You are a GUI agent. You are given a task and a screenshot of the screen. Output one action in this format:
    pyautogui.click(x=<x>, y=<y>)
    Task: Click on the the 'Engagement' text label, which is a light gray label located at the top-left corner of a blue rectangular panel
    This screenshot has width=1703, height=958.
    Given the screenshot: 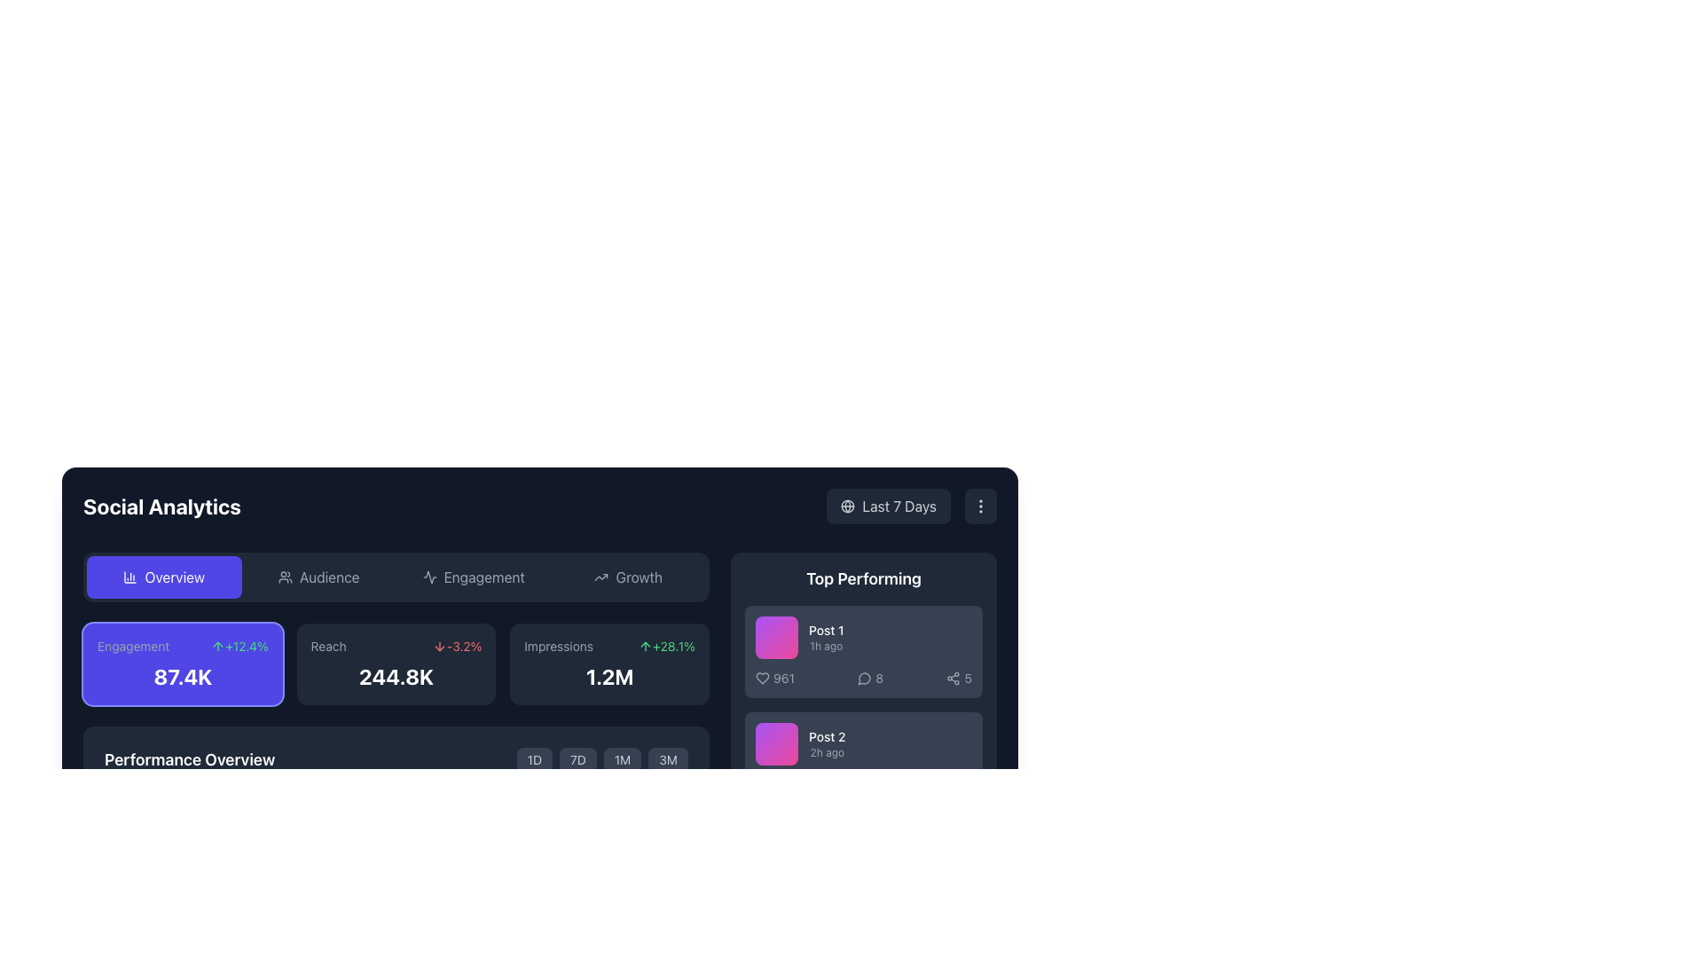 What is the action you would take?
    pyautogui.click(x=132, y=647)
    